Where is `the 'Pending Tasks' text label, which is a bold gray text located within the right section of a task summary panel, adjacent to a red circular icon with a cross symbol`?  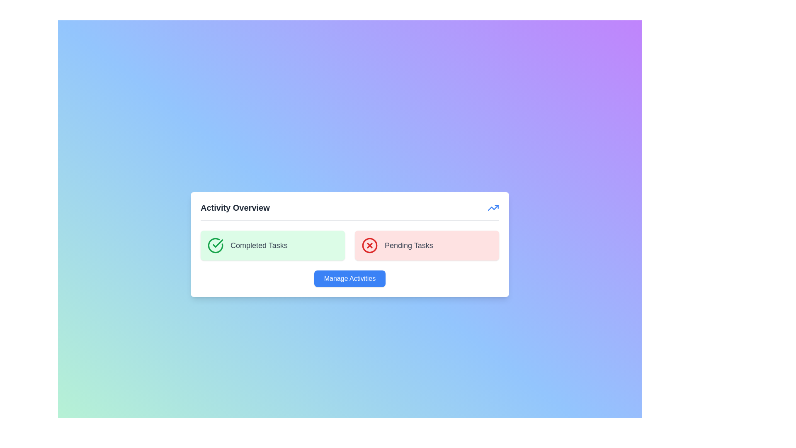 the 'Pending Tasks' text label, which is a bold gray text located within the right section of a task summary panel, adjacent to a red circular icon with a cross symbol is located at coordinates (409, 245).